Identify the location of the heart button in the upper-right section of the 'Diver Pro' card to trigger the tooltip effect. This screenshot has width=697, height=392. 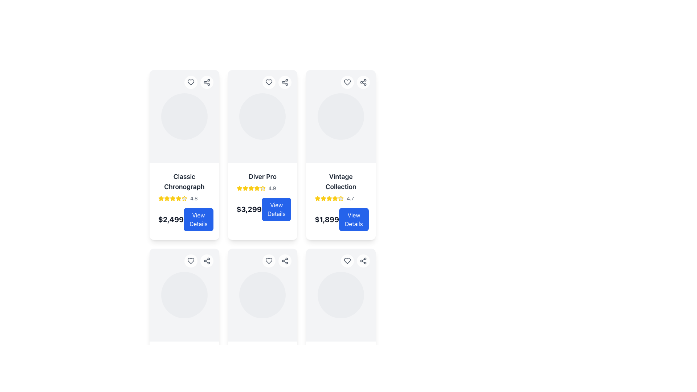
(277, 82).